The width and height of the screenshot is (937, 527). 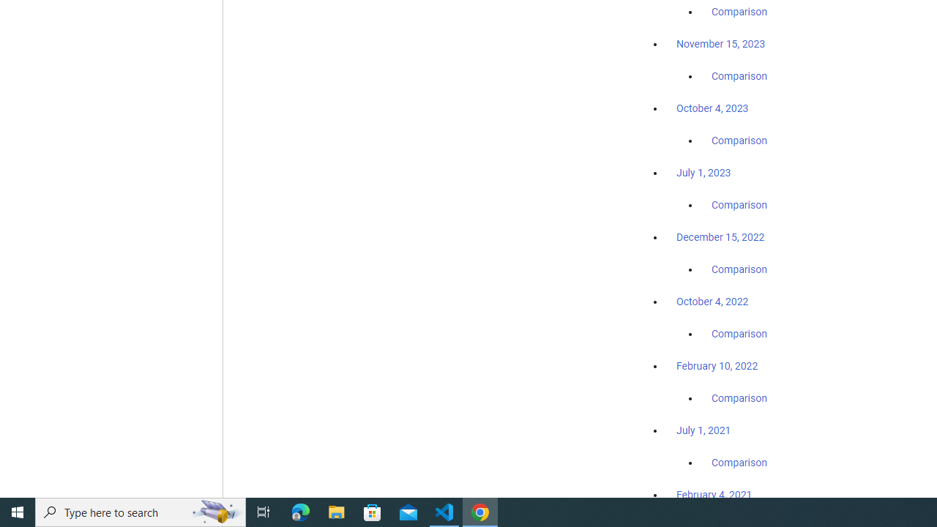 What do you see at coordinates (712, 108) in the screenshot?
I see `'October 4, 2023'` at bounding box center [712, 108].